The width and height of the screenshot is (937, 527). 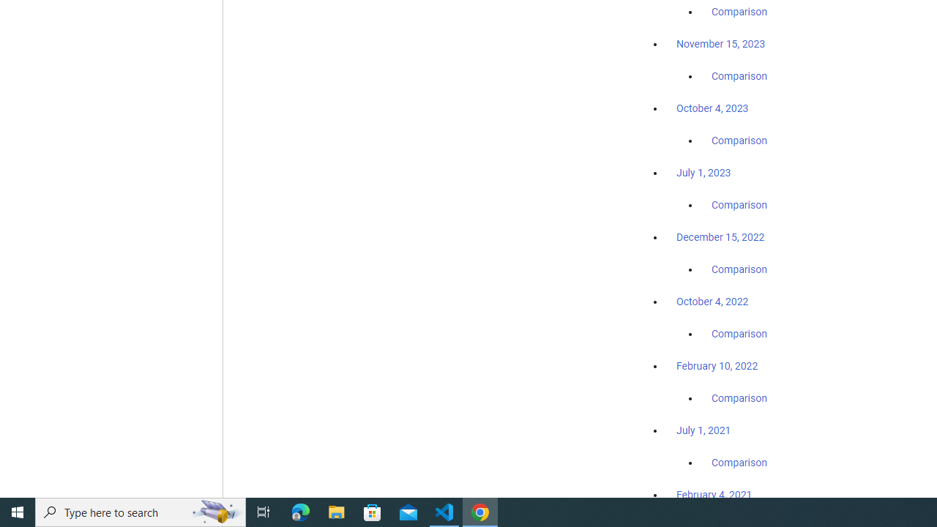 What do you see at coordinates (712, 108) in the screenshot?
I see `'October 4, 2023'` at bounding box center [712, 108].